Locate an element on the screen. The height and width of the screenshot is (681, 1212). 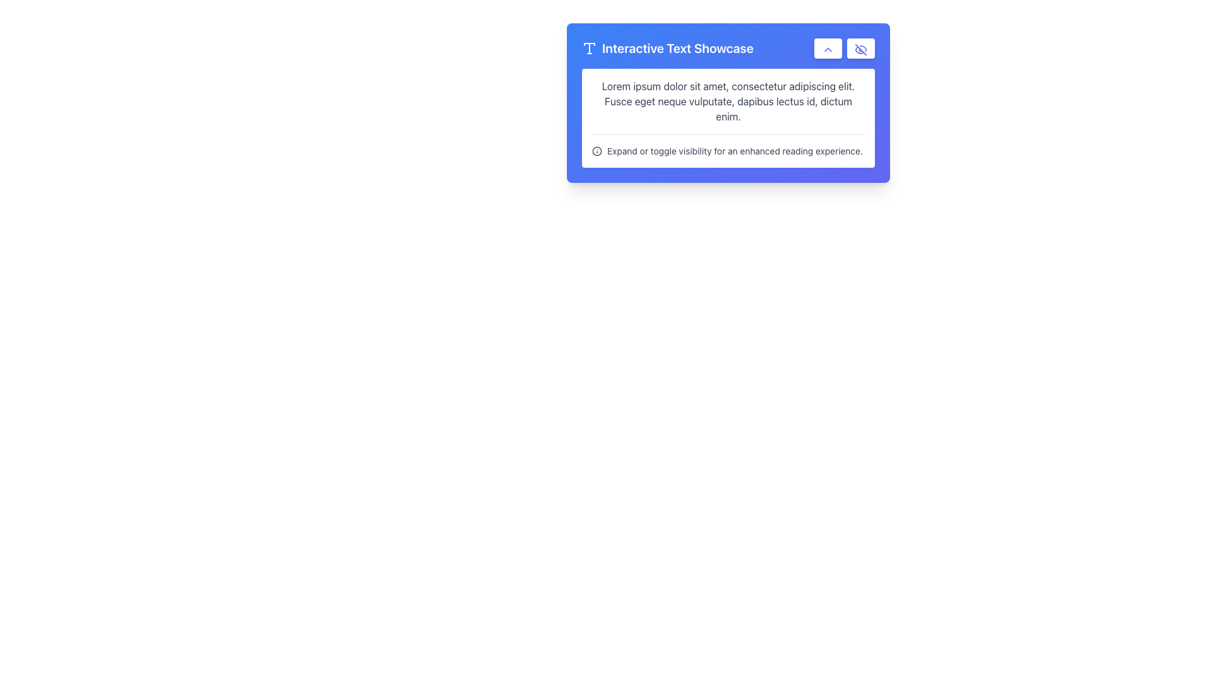
the chevron-up icon located at the top right of the blue panel labeled 'Interactive Text Showcase' is located at coordinates (828, 48).